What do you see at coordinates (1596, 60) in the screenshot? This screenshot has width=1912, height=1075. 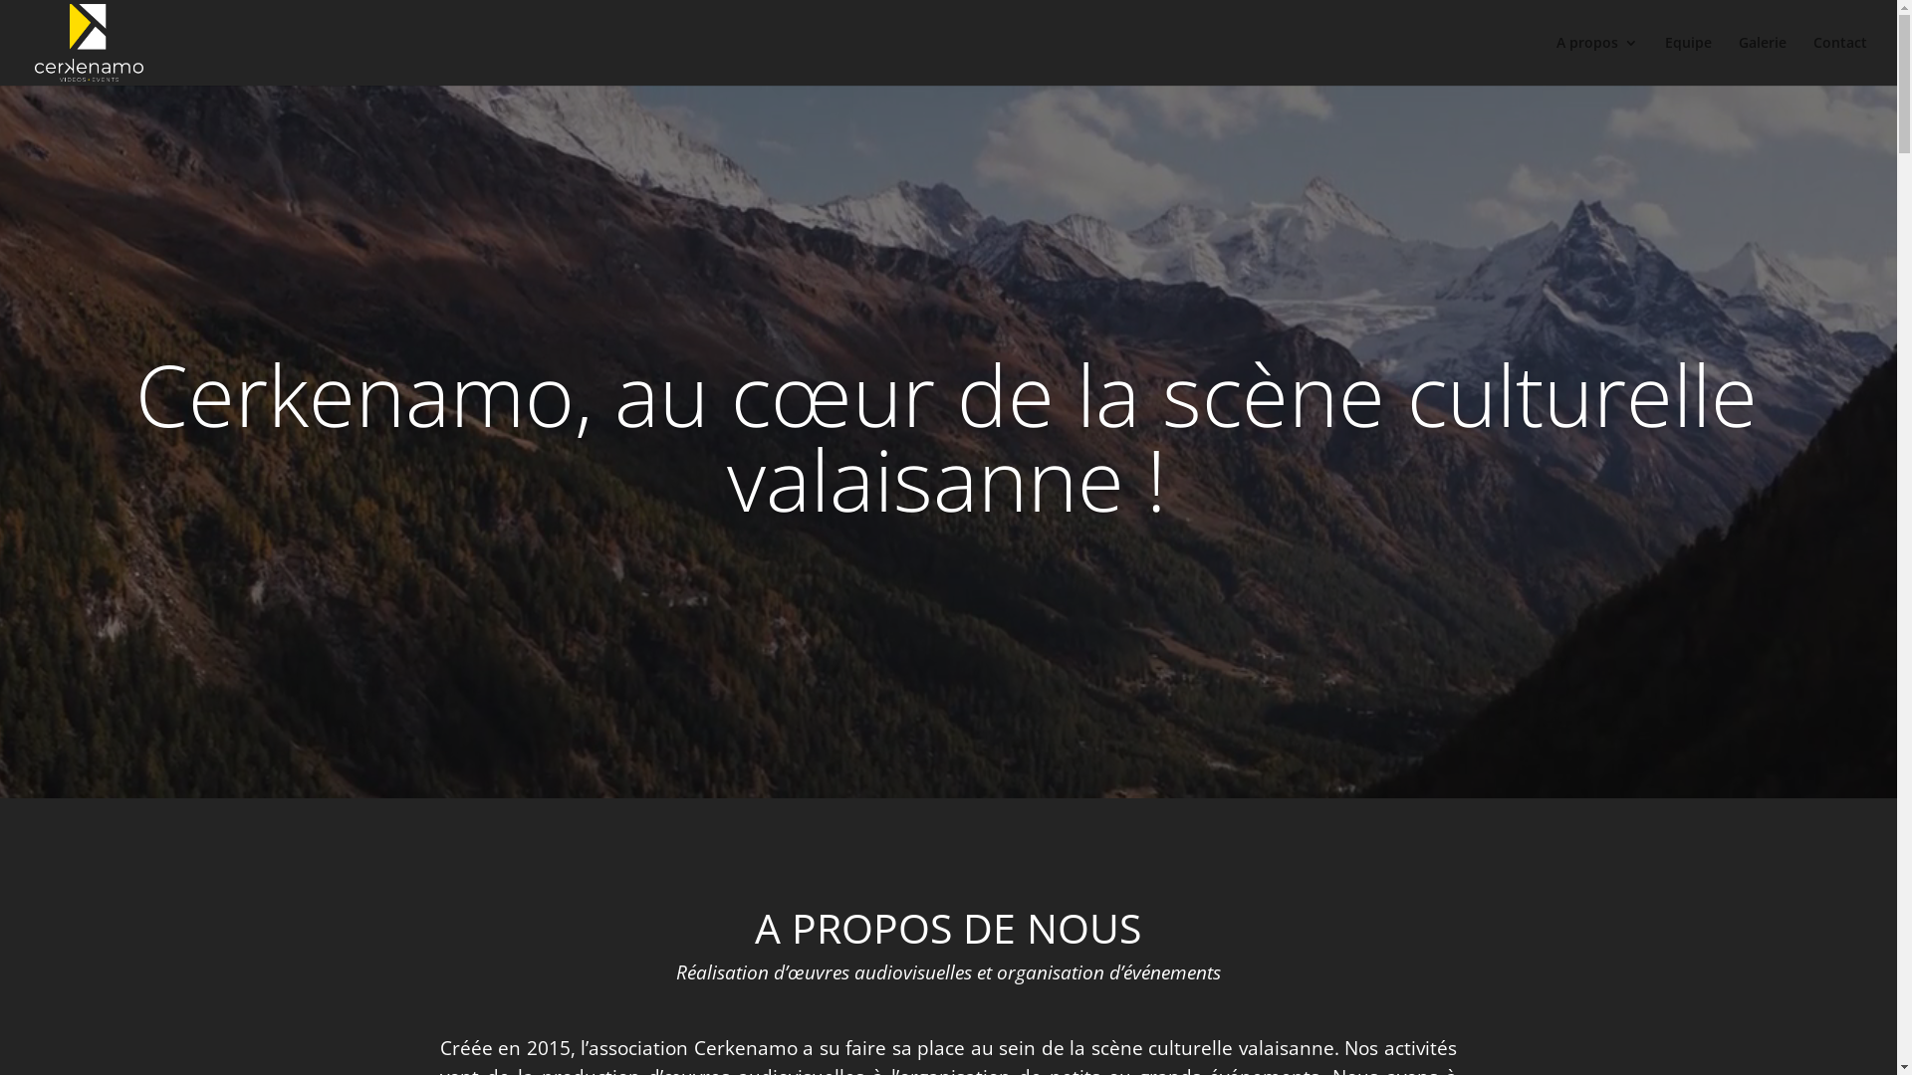 I see `'A propos'` at bounding box center [1596, 60].